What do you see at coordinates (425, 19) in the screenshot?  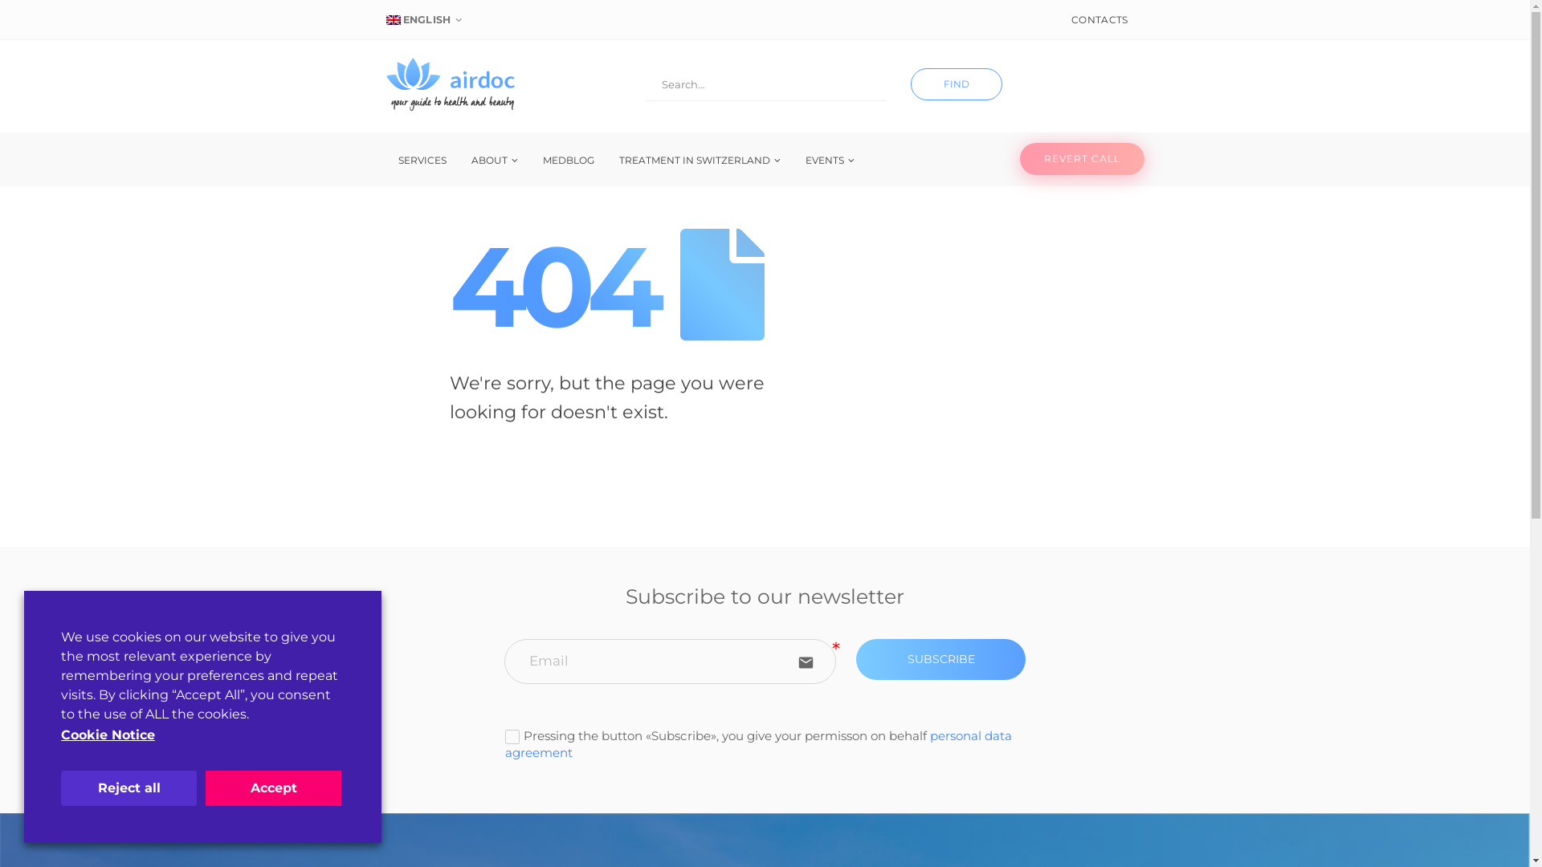 I see `'ENGLISH'` at bounding box center [425, 19].